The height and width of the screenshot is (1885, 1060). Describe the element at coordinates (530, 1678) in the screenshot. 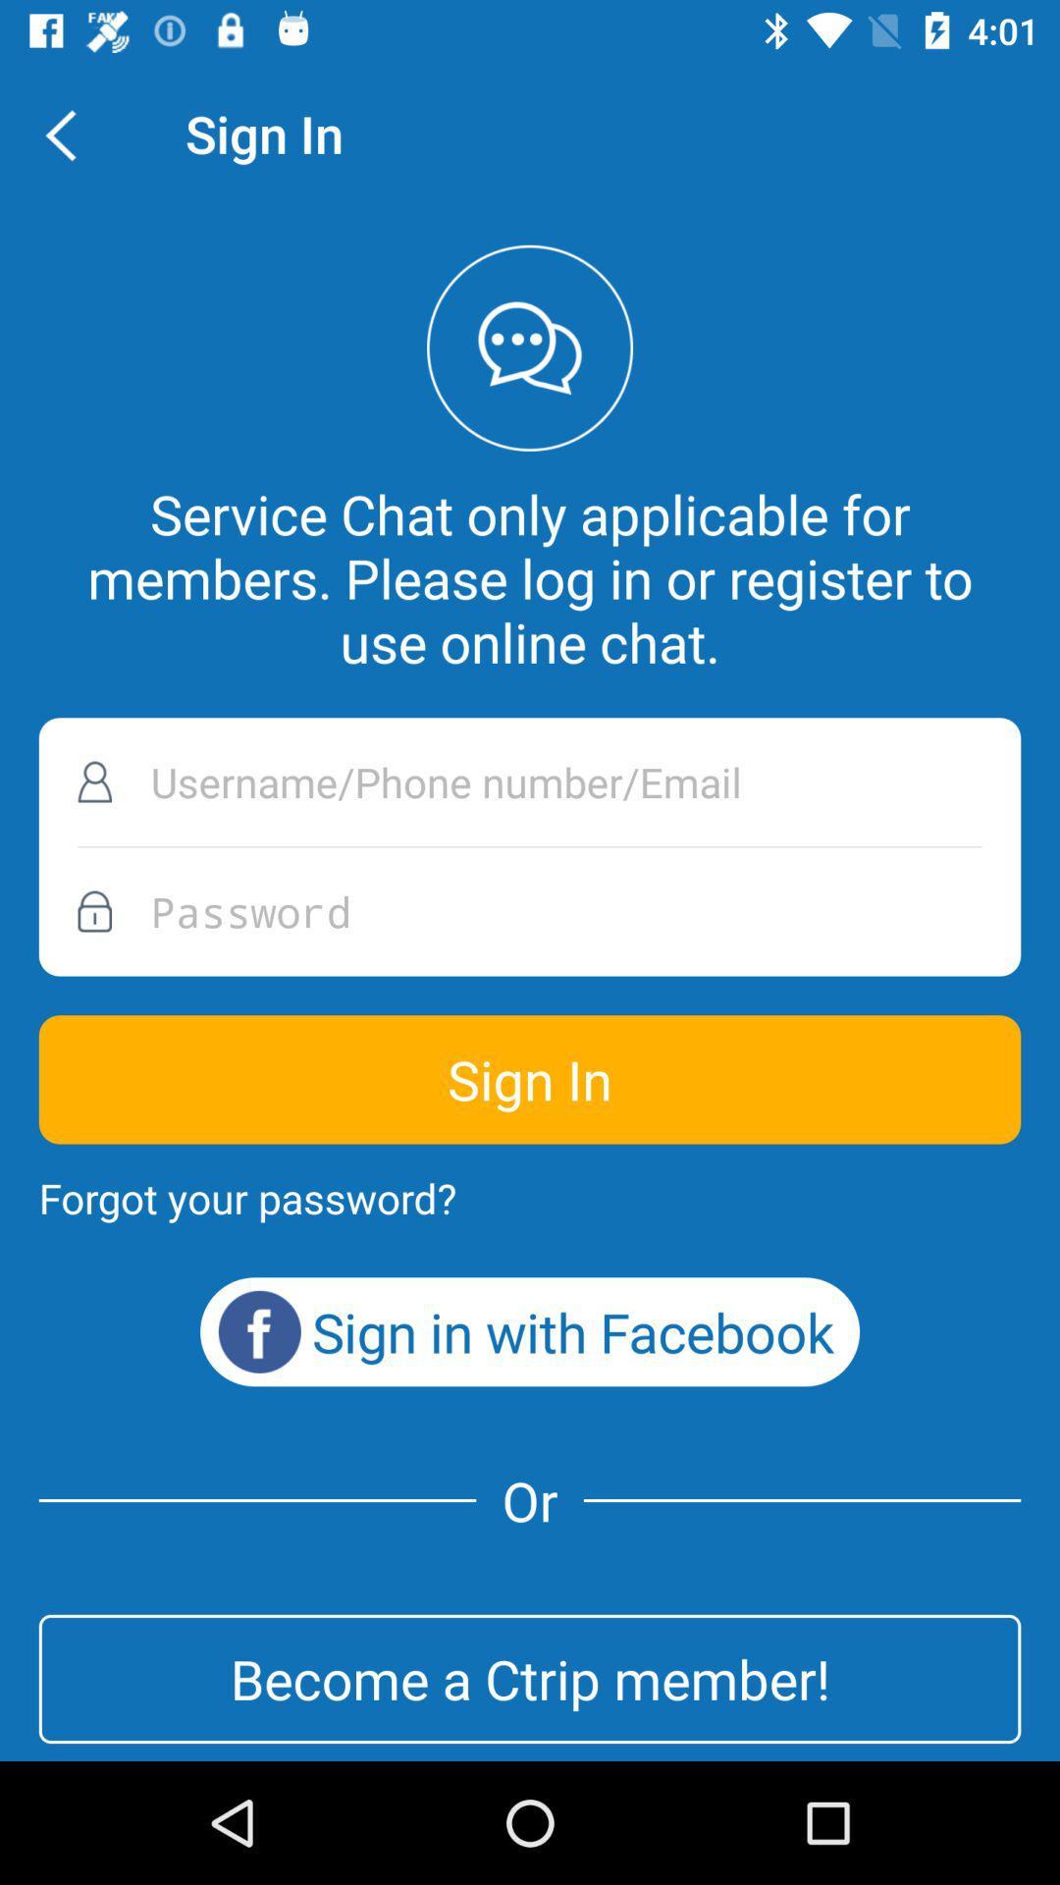

I see `the icon below or icon` at that location.